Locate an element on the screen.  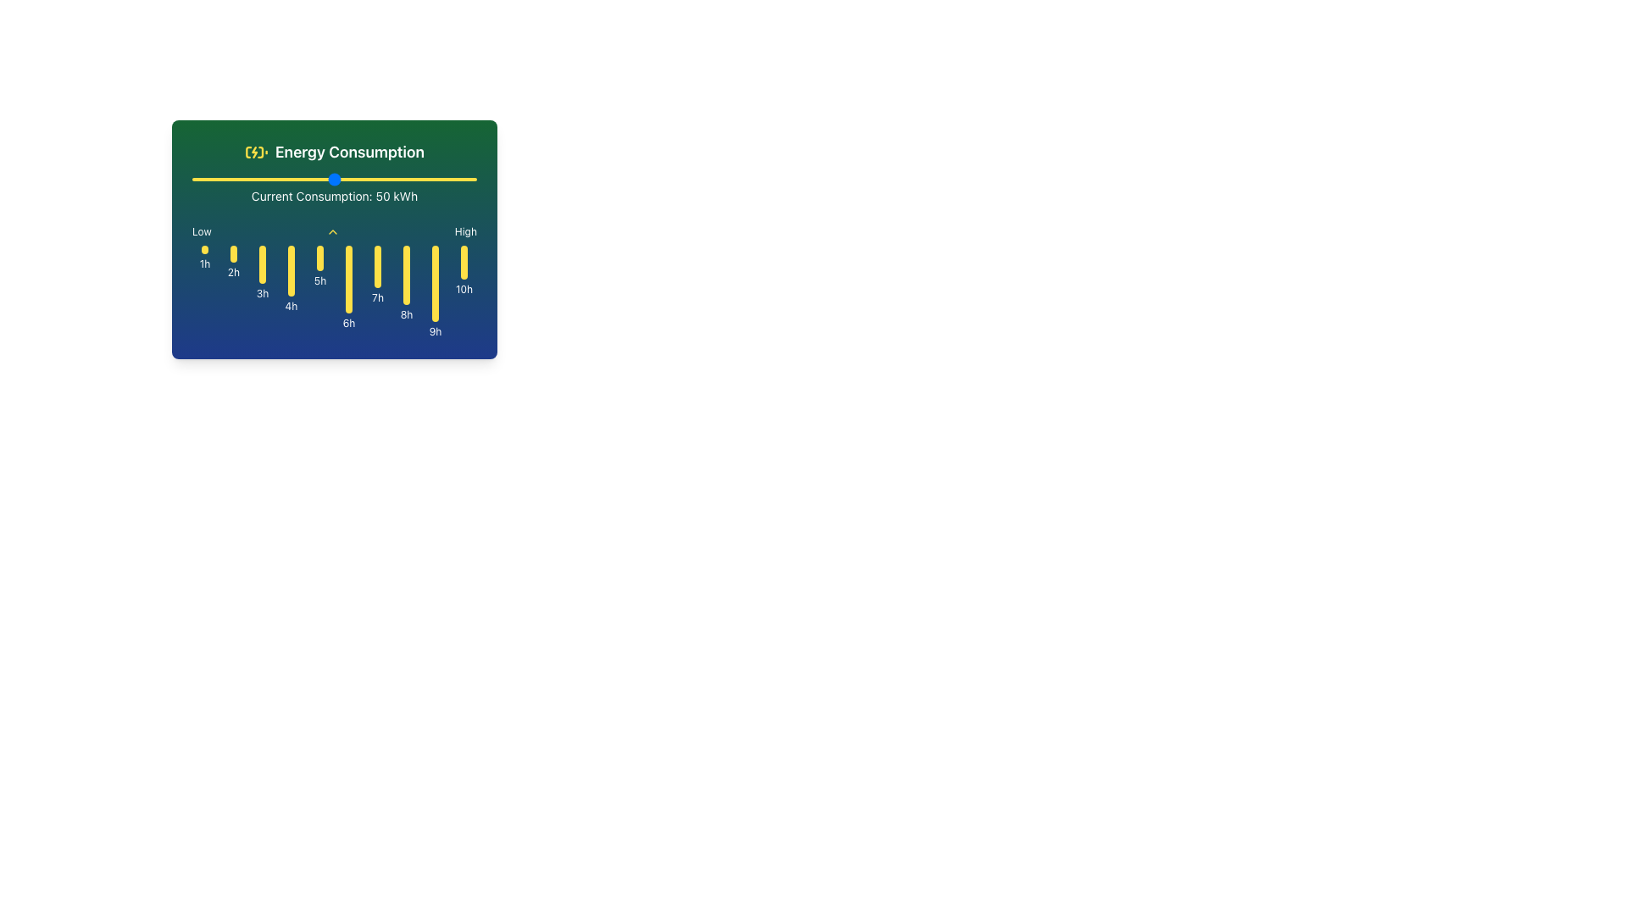
text content of the small text label displaying '4h', positioned below the yellow vertical bar in the graphical time chart is located at coordinates (292, 307).